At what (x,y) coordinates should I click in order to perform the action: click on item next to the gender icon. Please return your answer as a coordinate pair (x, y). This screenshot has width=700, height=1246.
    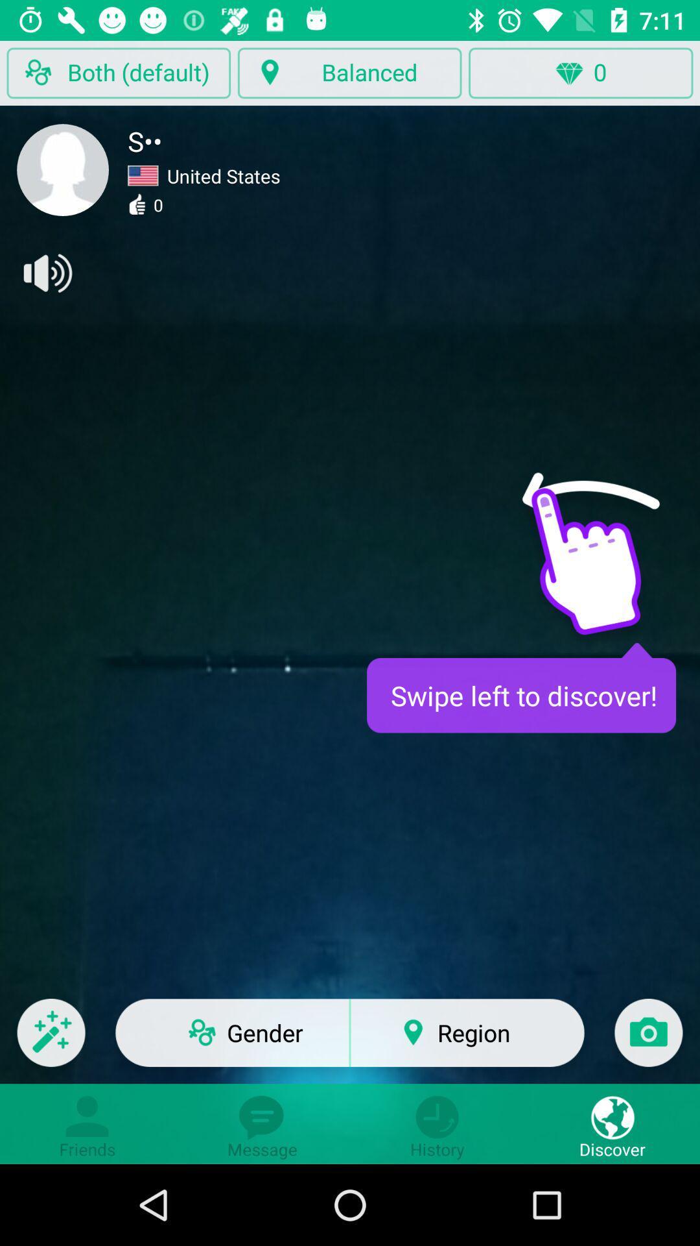
    Looking at the image, I should click on (51, 1041).